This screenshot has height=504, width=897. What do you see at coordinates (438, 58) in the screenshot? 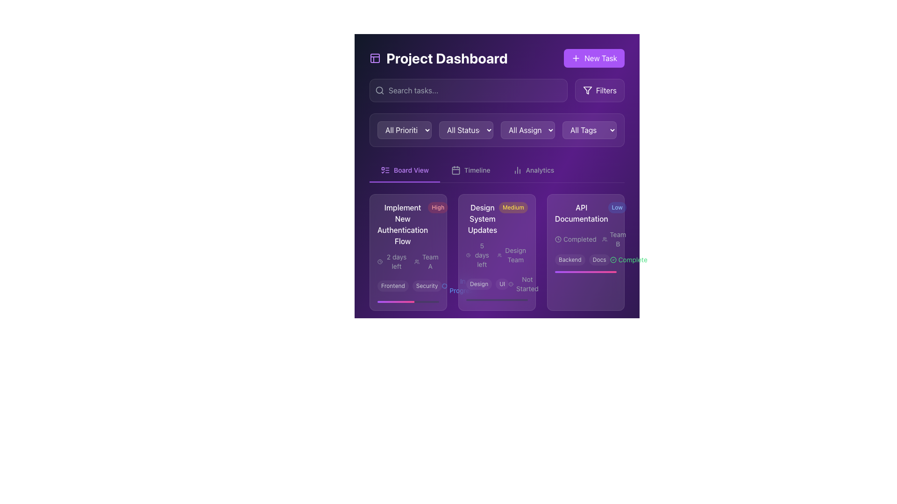
I see `the 'Project Dashboard' text header with the accompanying purple icon located near the top-left corner of the interface` at bounding box center [438, 58].